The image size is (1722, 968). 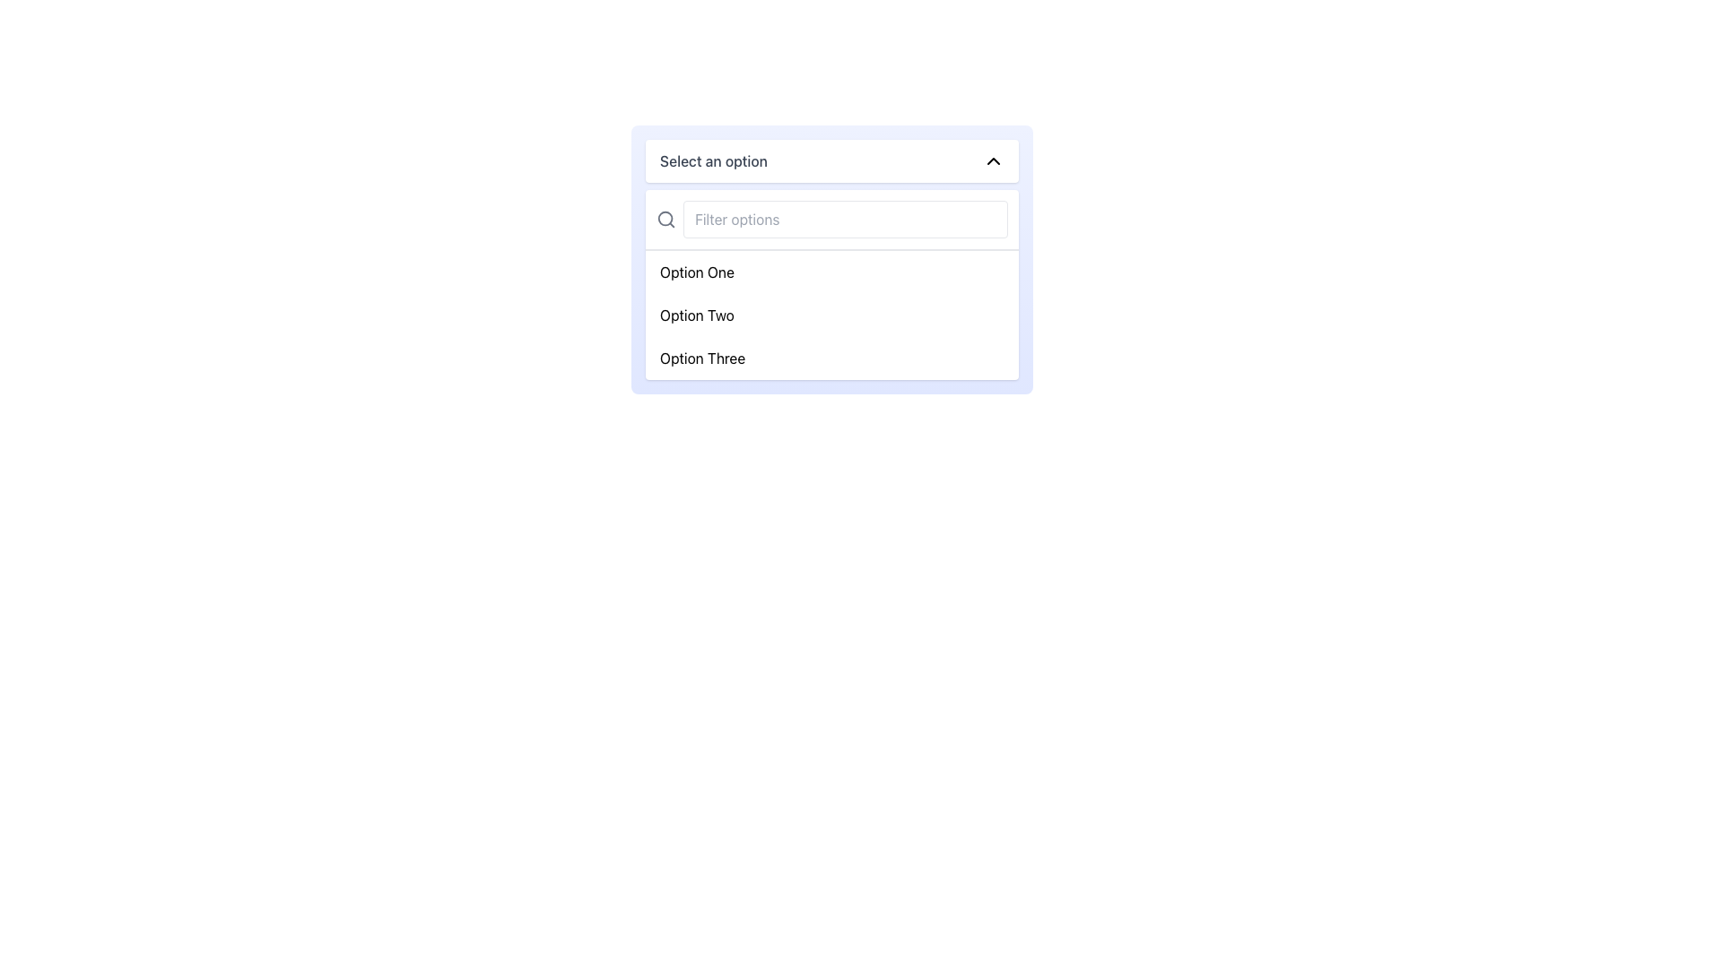 I want to click on the text label displaying 'Option Three' in black, so click(x=701, y=359).